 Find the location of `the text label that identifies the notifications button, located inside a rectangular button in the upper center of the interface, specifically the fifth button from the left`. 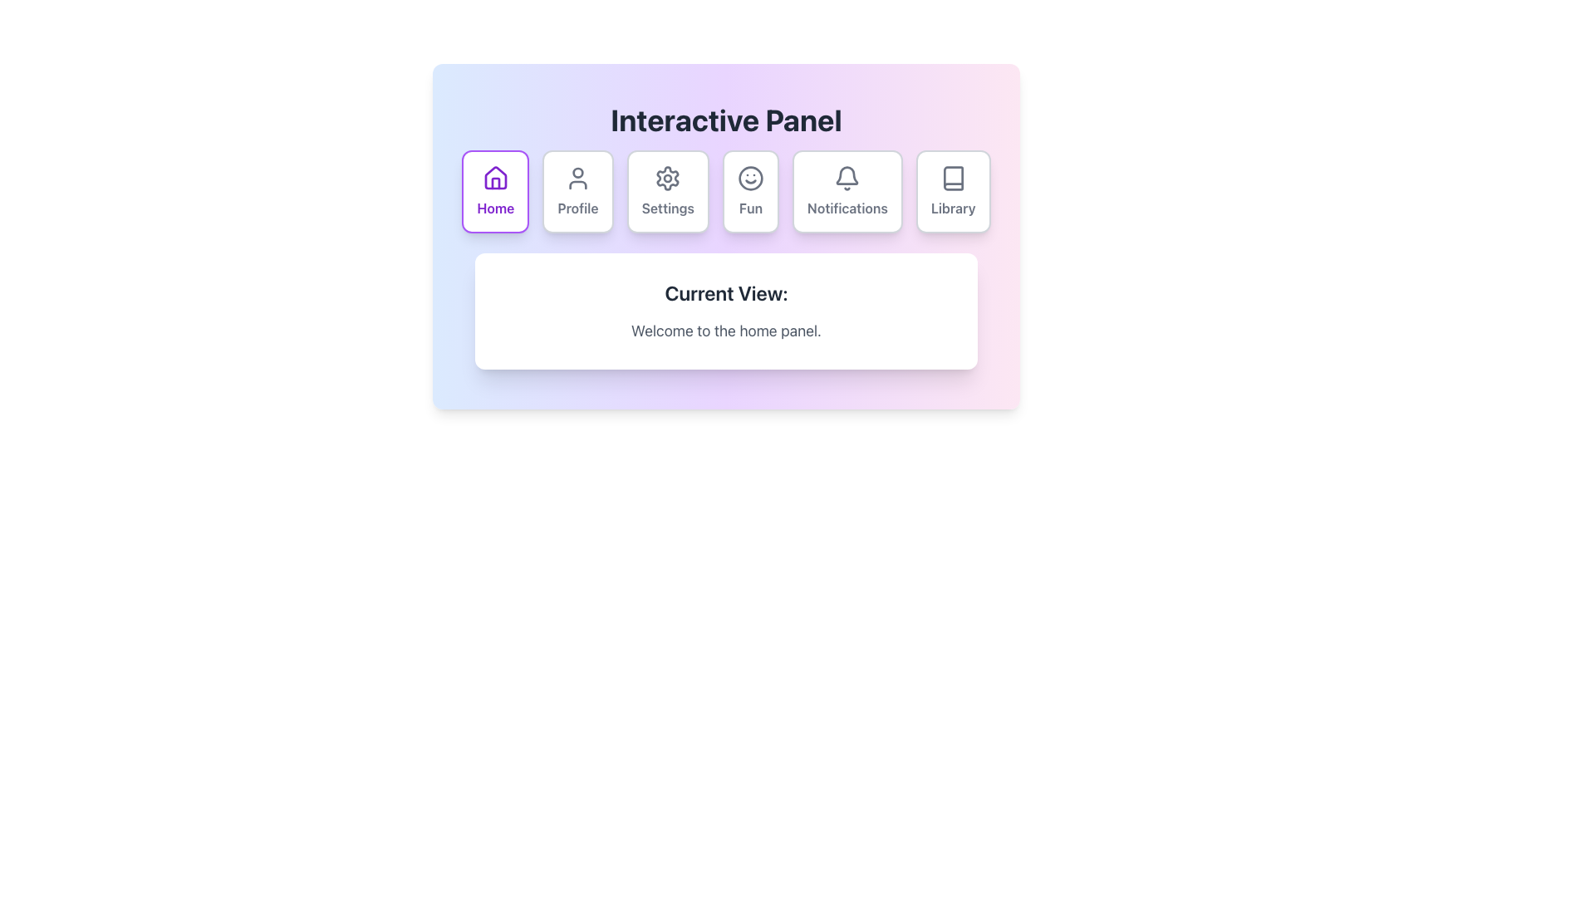

the text label that identifies the notifications button, located inside a rectangular button in the upper center of the interface, specifically the fifth button from the left is located at coordinates (847, 207).